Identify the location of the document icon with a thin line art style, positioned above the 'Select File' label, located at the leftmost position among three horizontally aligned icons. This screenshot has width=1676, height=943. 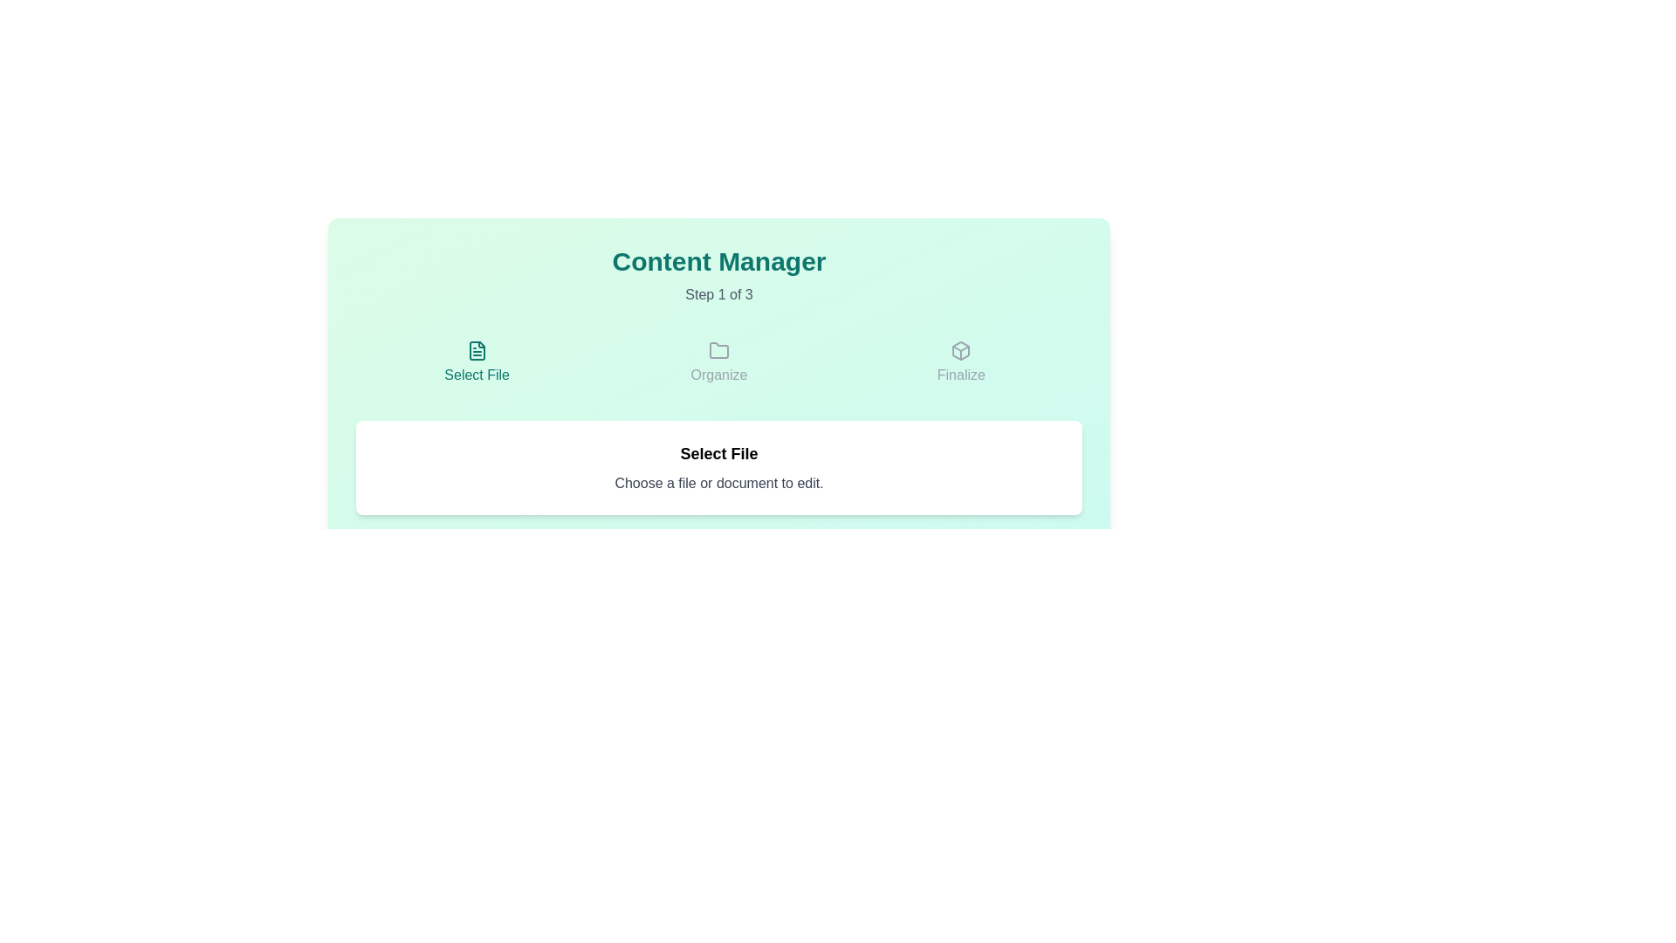
(477, 350).